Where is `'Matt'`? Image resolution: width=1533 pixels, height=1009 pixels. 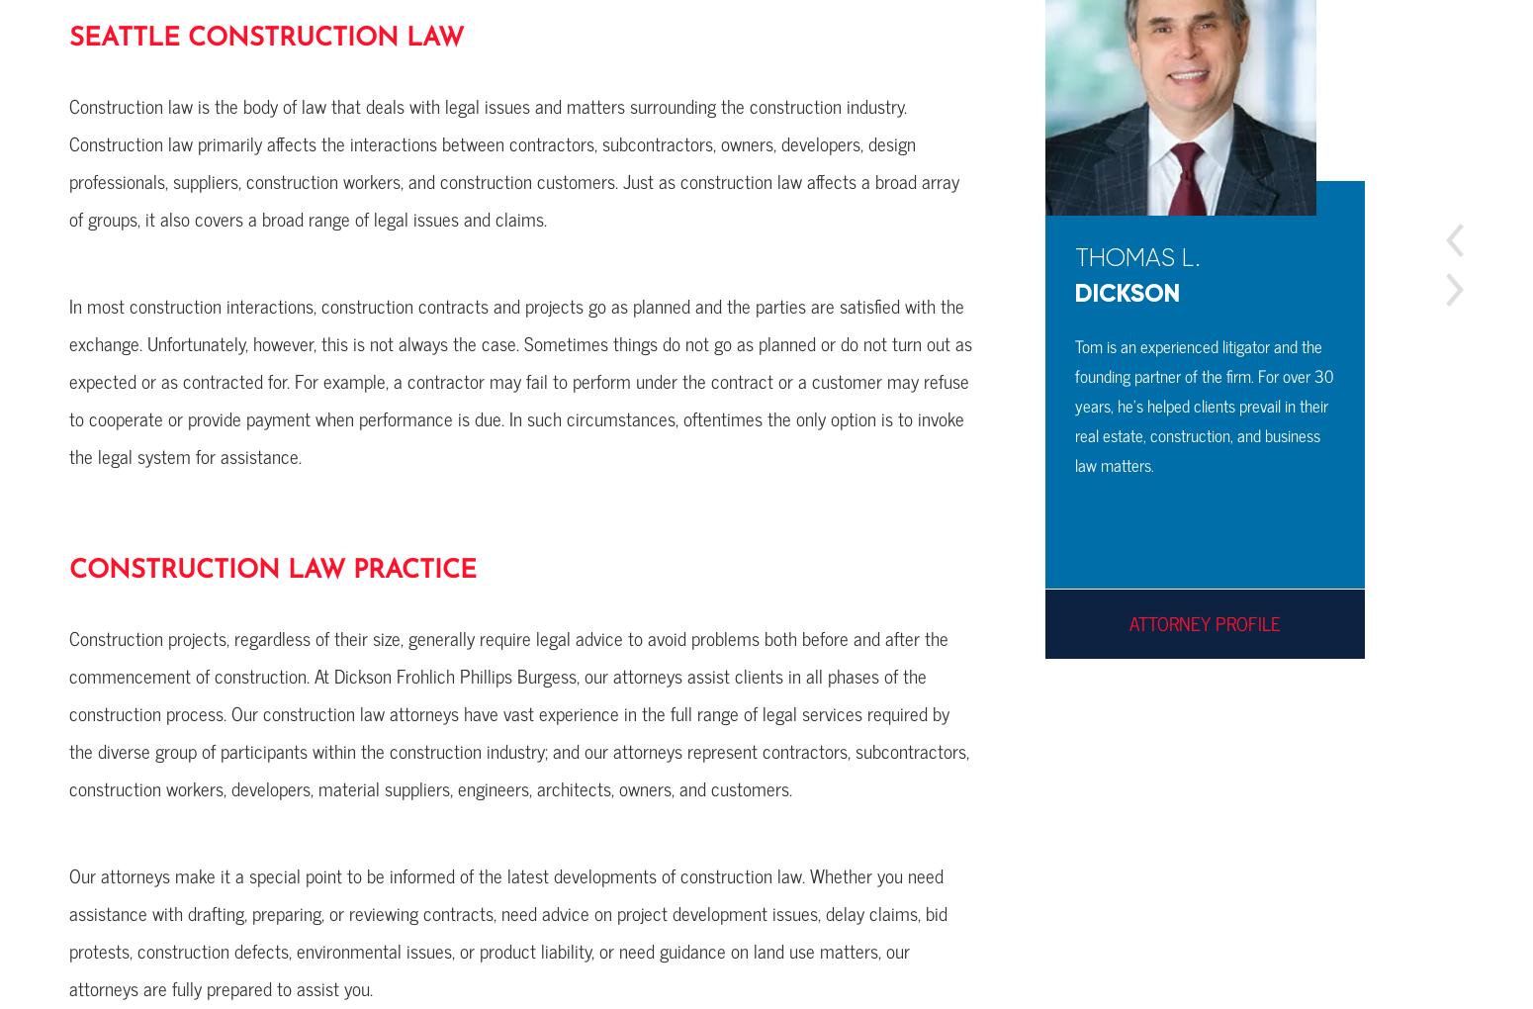 'Matt' is located at coordinates (783, 256).